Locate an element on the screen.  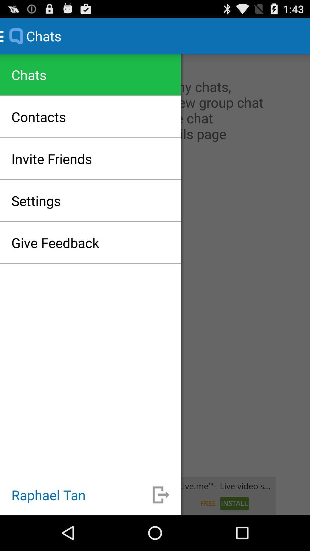
send to person is located at coordinates (161, 494).